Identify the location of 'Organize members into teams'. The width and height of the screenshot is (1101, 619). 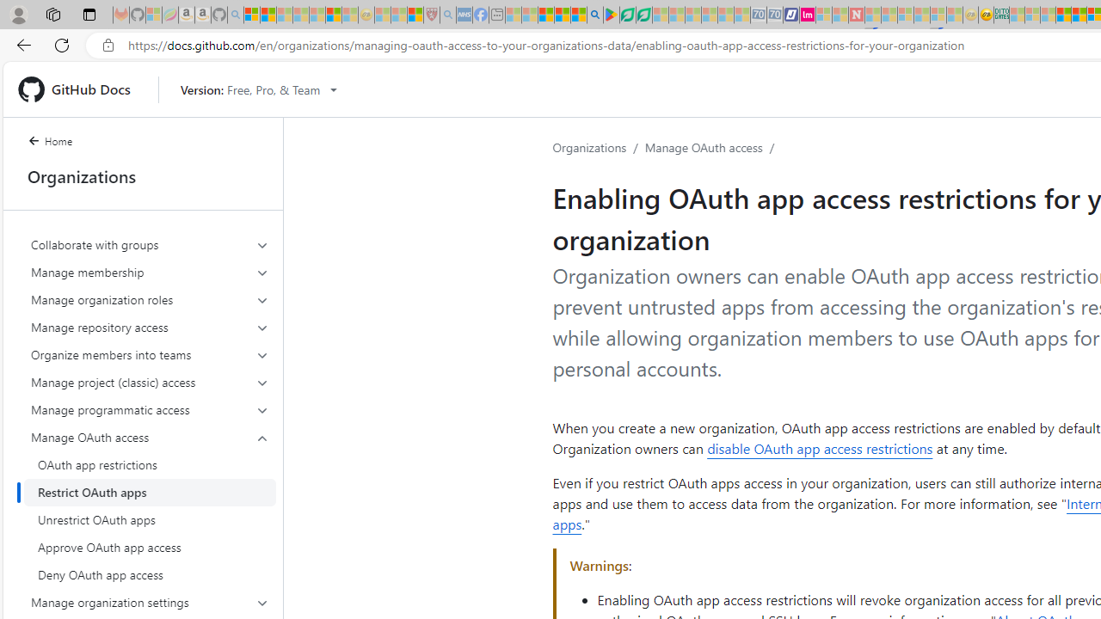
(150, 353).